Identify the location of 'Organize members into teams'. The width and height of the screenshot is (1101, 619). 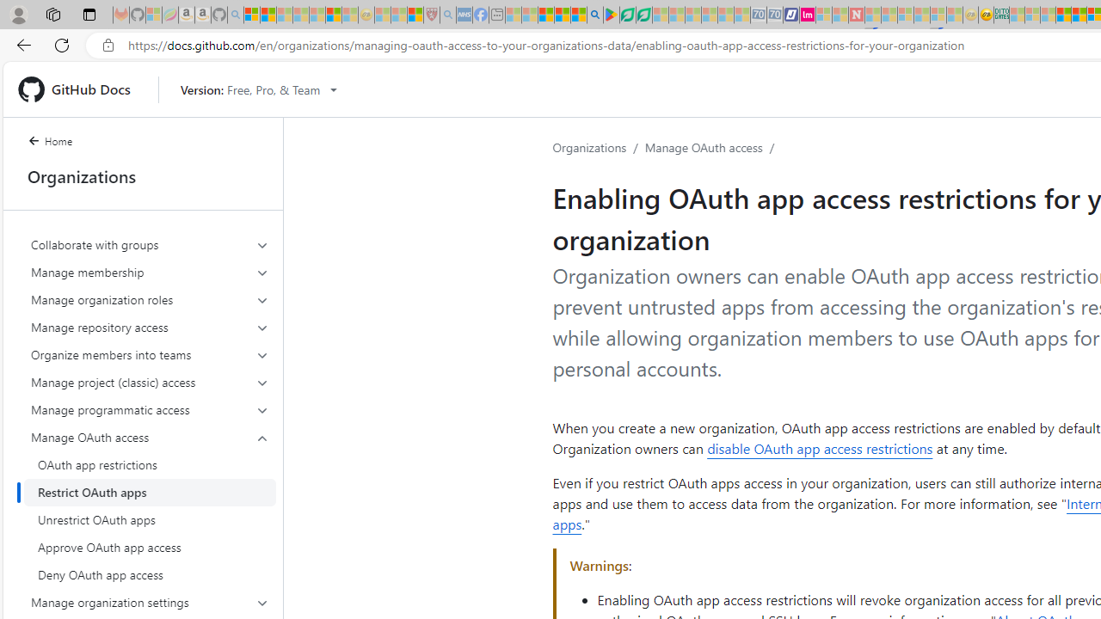
(150, 353).